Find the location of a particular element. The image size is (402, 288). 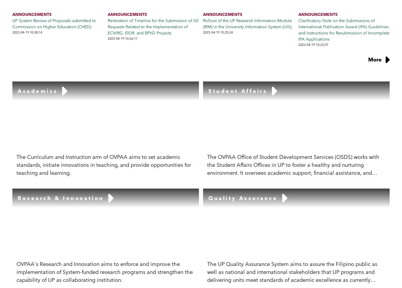

'Clarificatory Note on the Submissions of International Publication Award (IPA) Guidelines and Instructions for Resubmission of Incomplete IPA Applications' is located at coordinates (344, 29).